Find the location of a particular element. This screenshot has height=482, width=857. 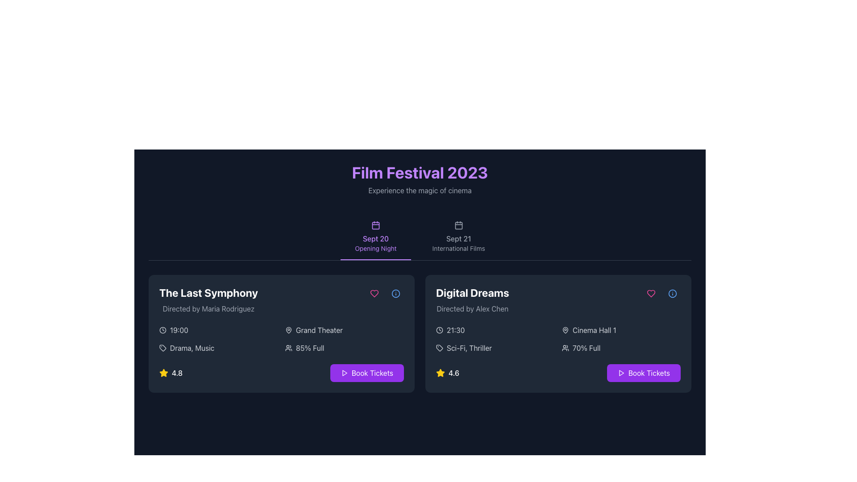

the play button icon located in the bottom-right card titled 'Digital Dreams', specifically within the 'Book Tickets' button is located at coordinates (621, 373).